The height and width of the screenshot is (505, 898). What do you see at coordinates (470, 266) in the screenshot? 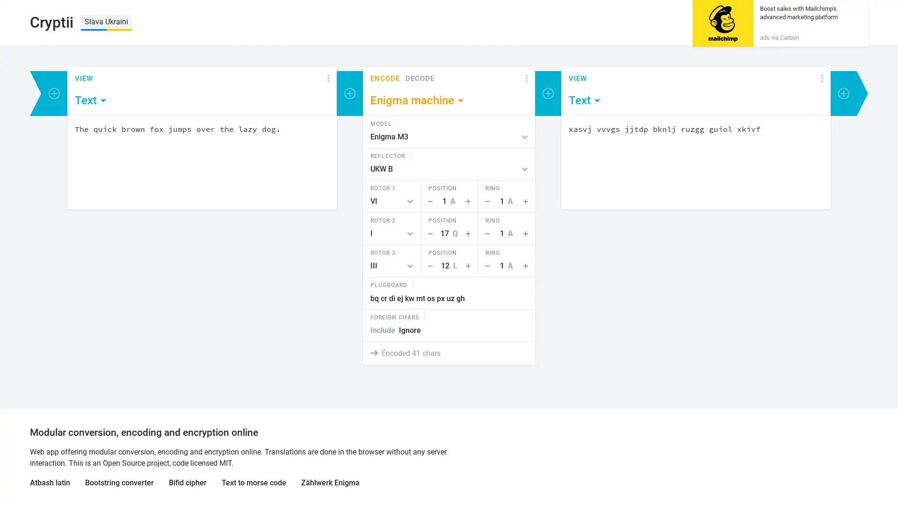
I see `Step Up` at bounding box center [470, 266].